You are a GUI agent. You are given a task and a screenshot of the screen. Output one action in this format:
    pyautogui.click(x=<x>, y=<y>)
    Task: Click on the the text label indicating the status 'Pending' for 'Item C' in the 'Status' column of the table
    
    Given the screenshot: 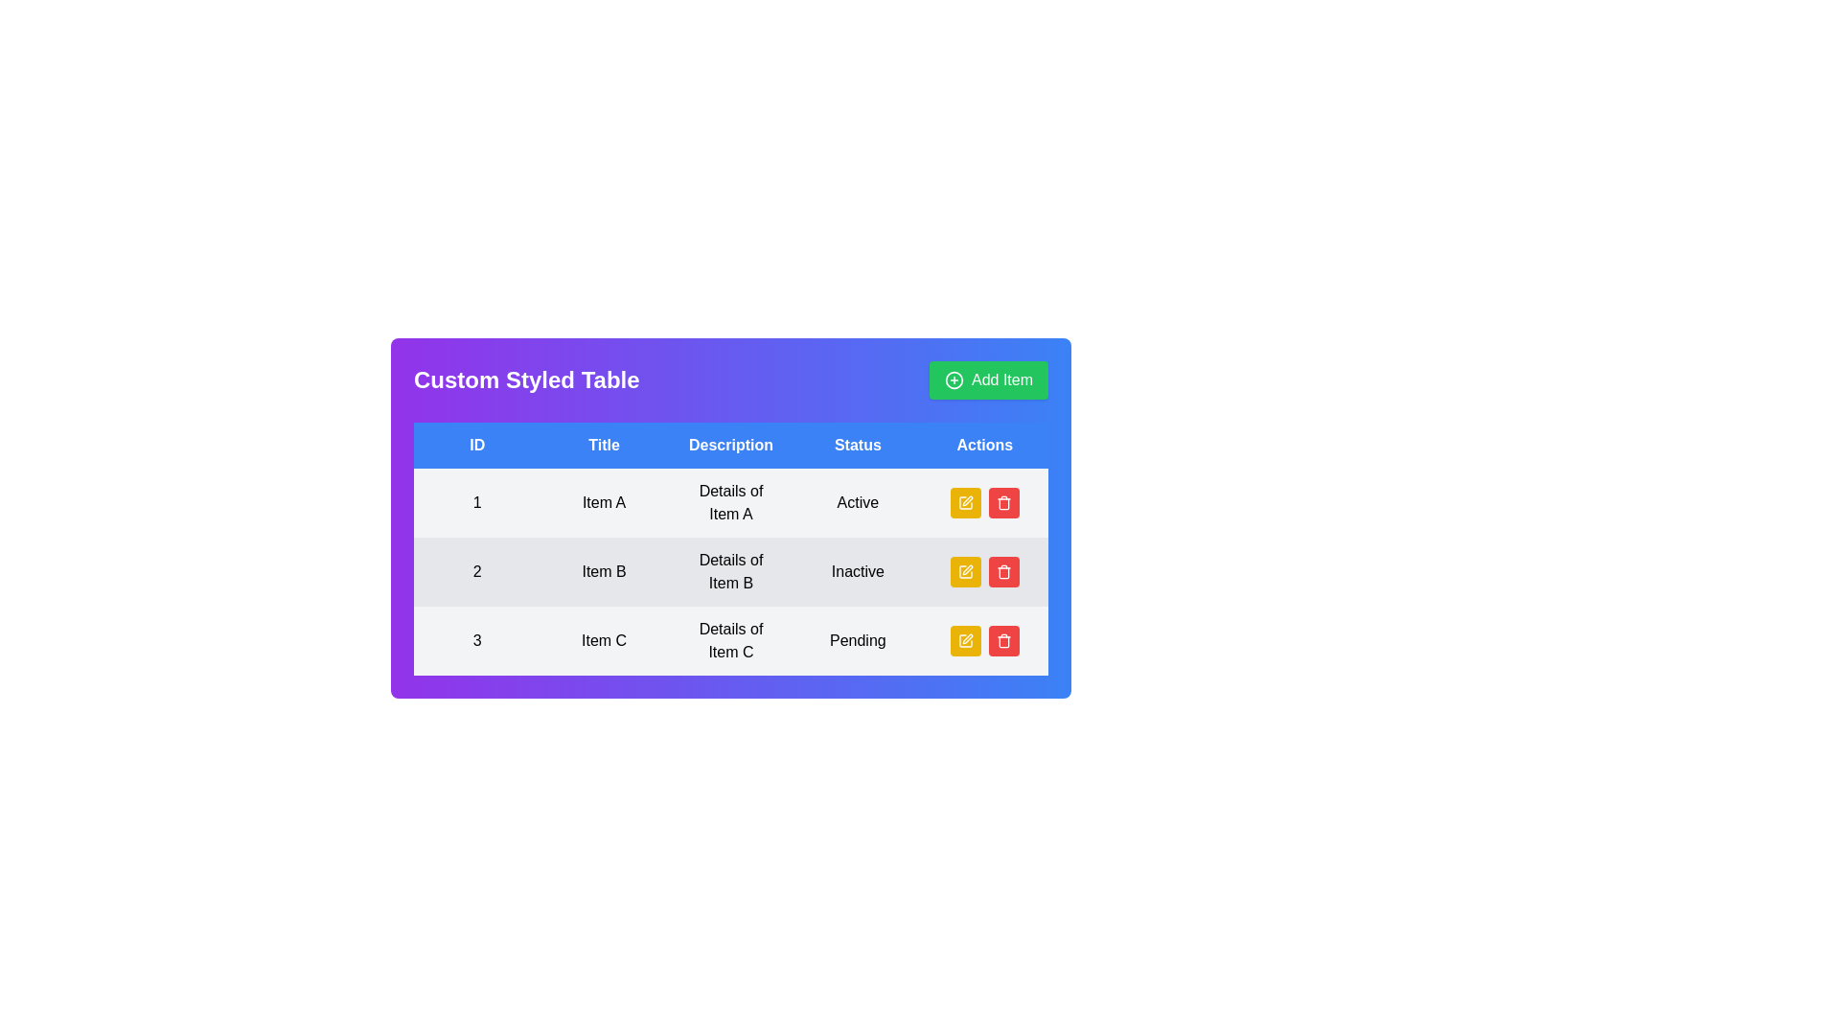 What is the action you would take?
    pyautogui.click(x=857, y=640)
    